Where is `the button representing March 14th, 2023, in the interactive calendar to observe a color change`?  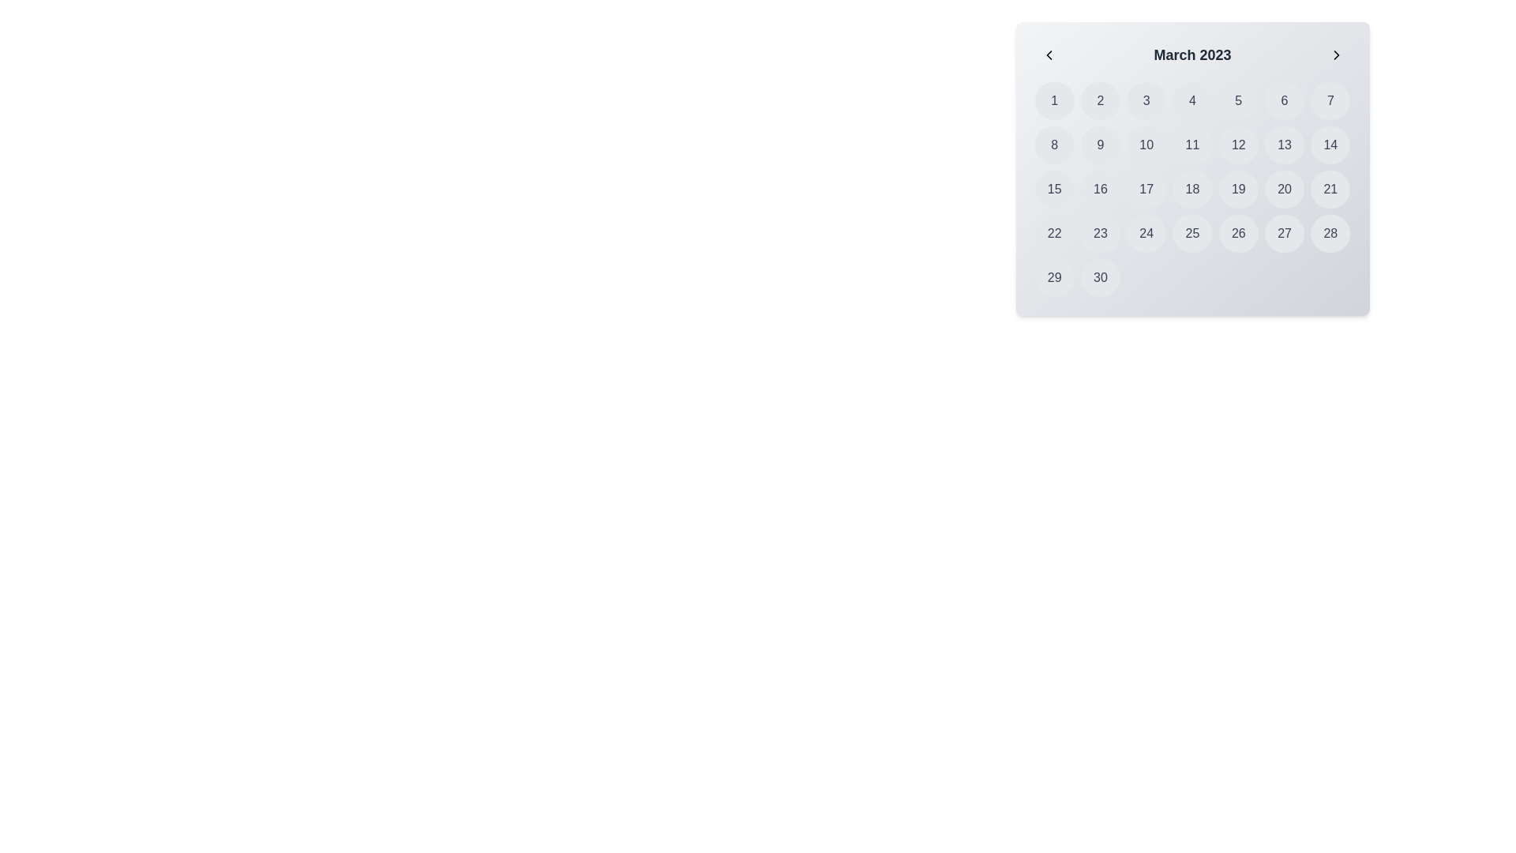 the button representing March 14th, 2023, in the interactive calendar to observe a color change is located at coordinates (1330, 145).